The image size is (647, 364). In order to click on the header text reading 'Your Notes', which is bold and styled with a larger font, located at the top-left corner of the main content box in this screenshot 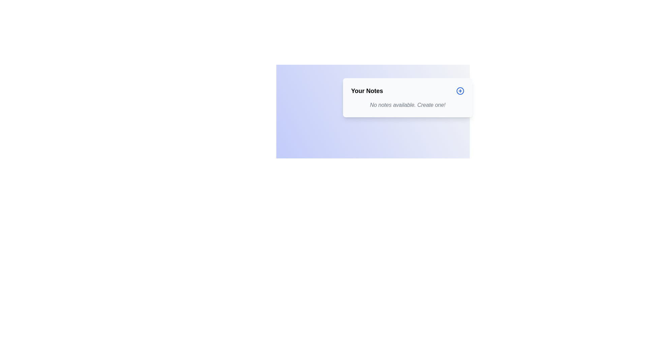, I will do `click(367, 91)`.